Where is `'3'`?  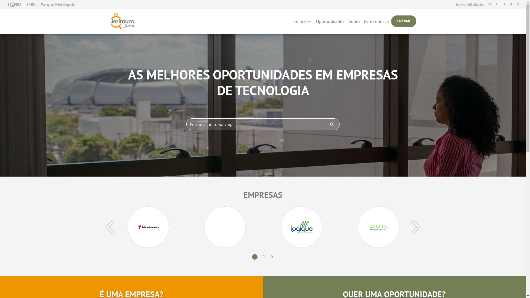
'3' is located at coordinates (270, 255).